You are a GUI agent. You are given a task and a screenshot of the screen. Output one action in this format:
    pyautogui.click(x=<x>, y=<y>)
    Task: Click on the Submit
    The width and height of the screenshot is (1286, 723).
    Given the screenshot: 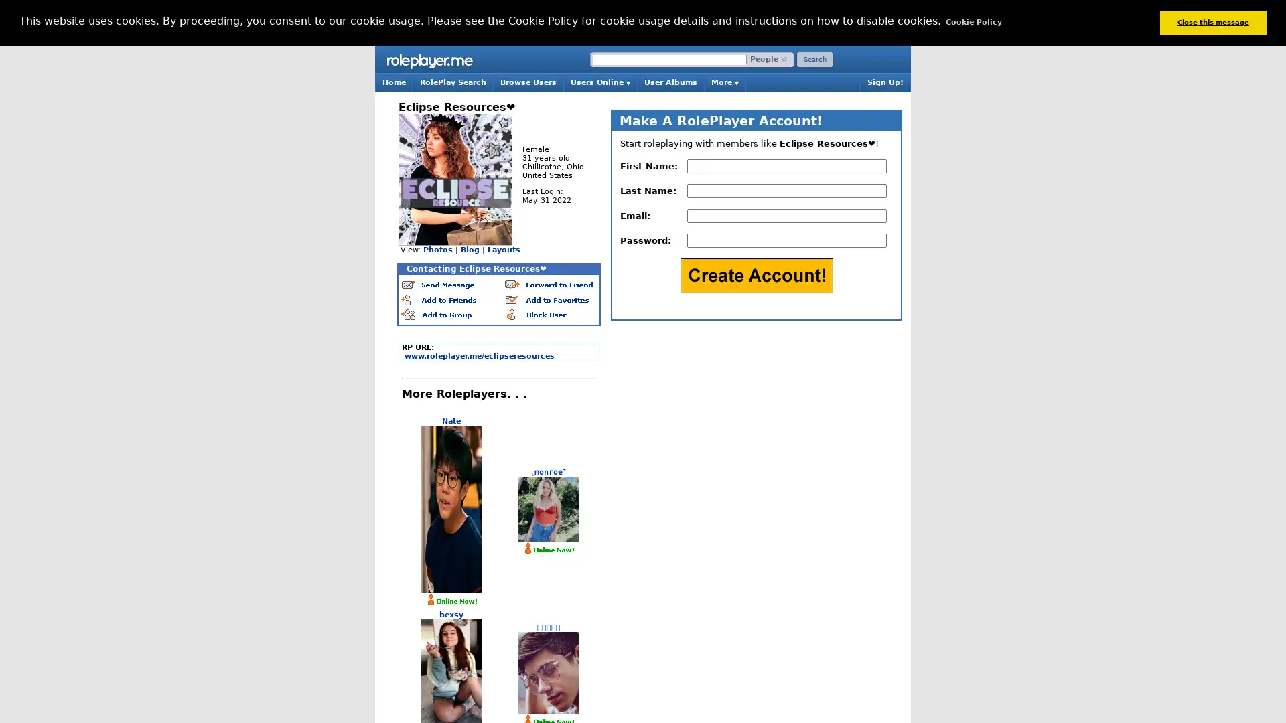 What is the action you would take?
    pyautogui.click(x=756, y=274)
    